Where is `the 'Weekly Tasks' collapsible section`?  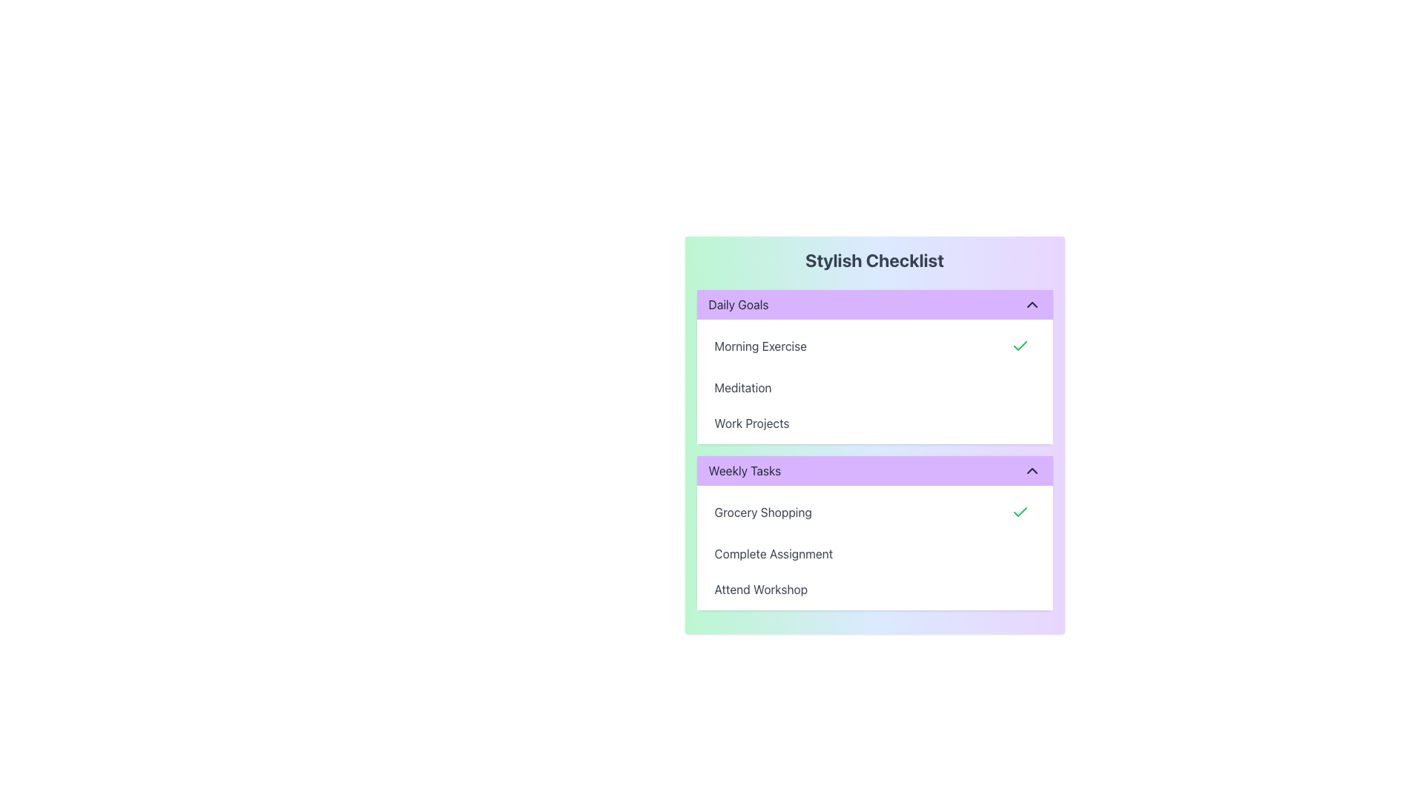 the 'Weekly Tasks' collapsible section is located at coordinates (874, 449).